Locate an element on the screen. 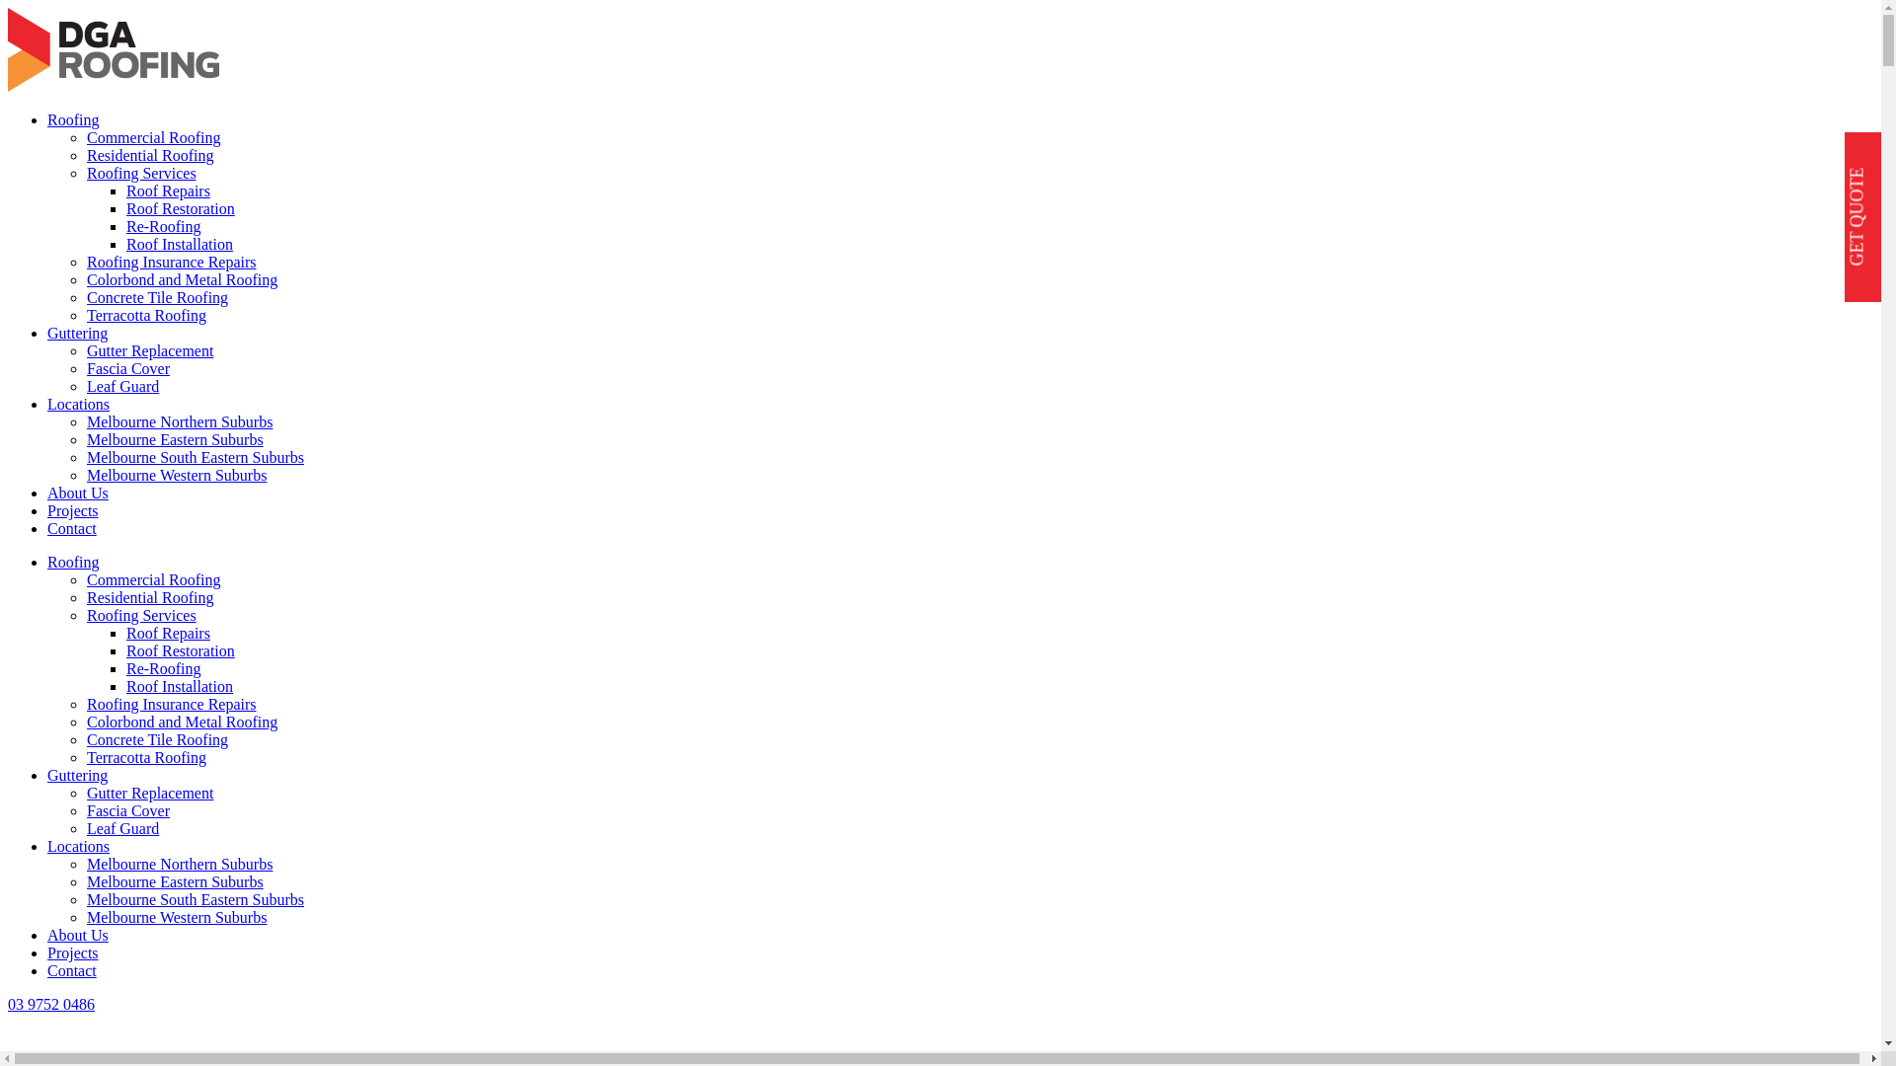 This screenshot has height=1066, width=1896. 'Guttering' is located at coordinates (77, 774).